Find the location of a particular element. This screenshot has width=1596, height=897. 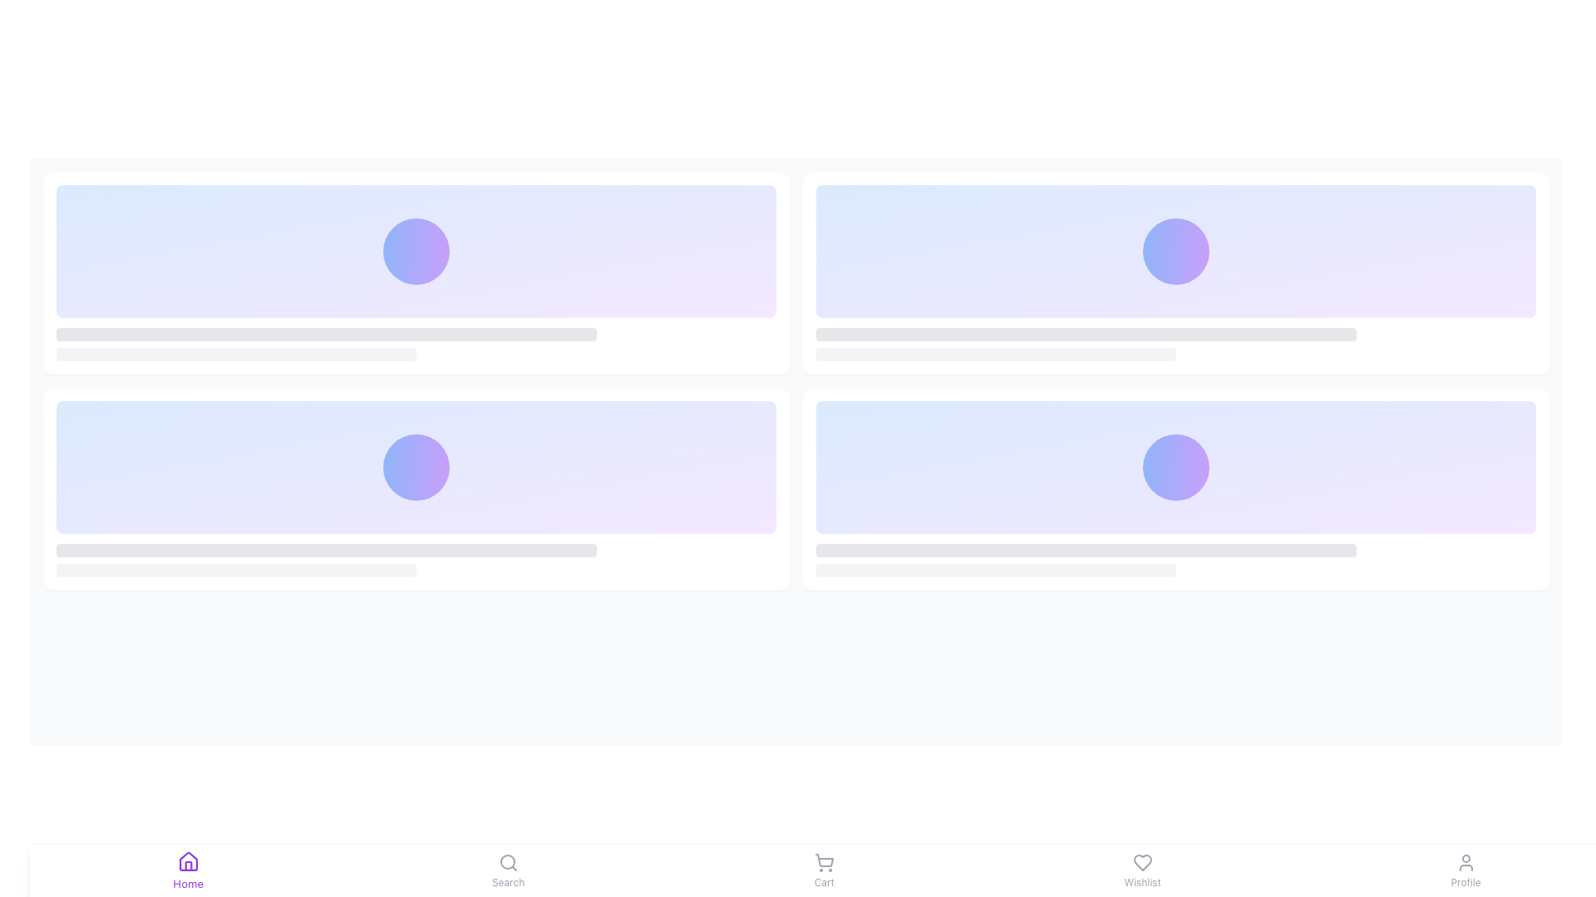

the decorative animated circular element, which features a blue to purple gradient and an animated pulse effect, located in the second row and second column of the grid layout is located at coordinates (1175, 468).